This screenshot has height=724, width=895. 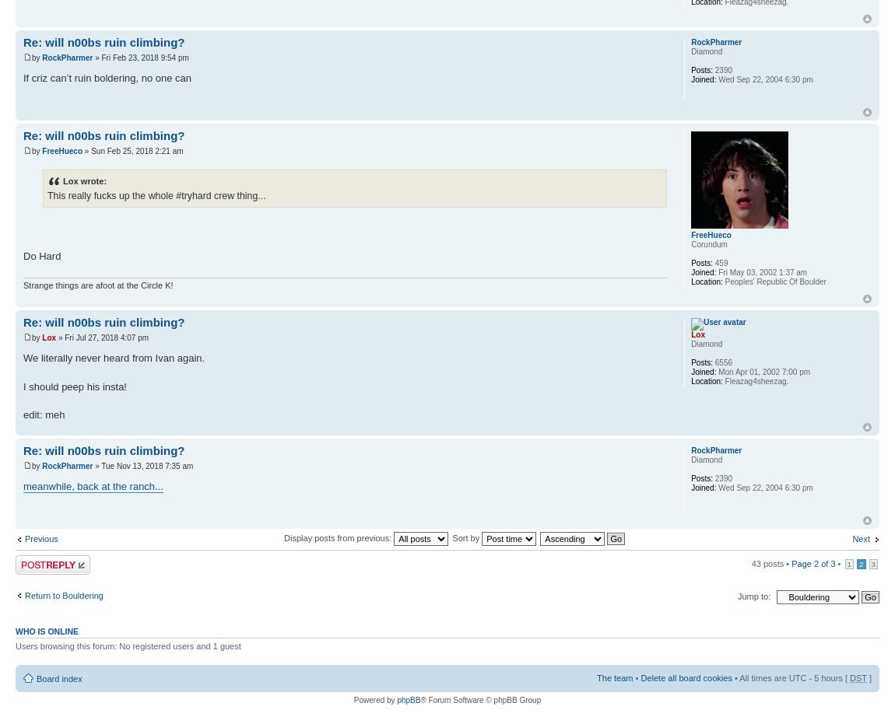 What do you see at coordinates (770, 562) in the screenshot?
I see `'43 posts
			 •'` at bounding box center [770, 562].